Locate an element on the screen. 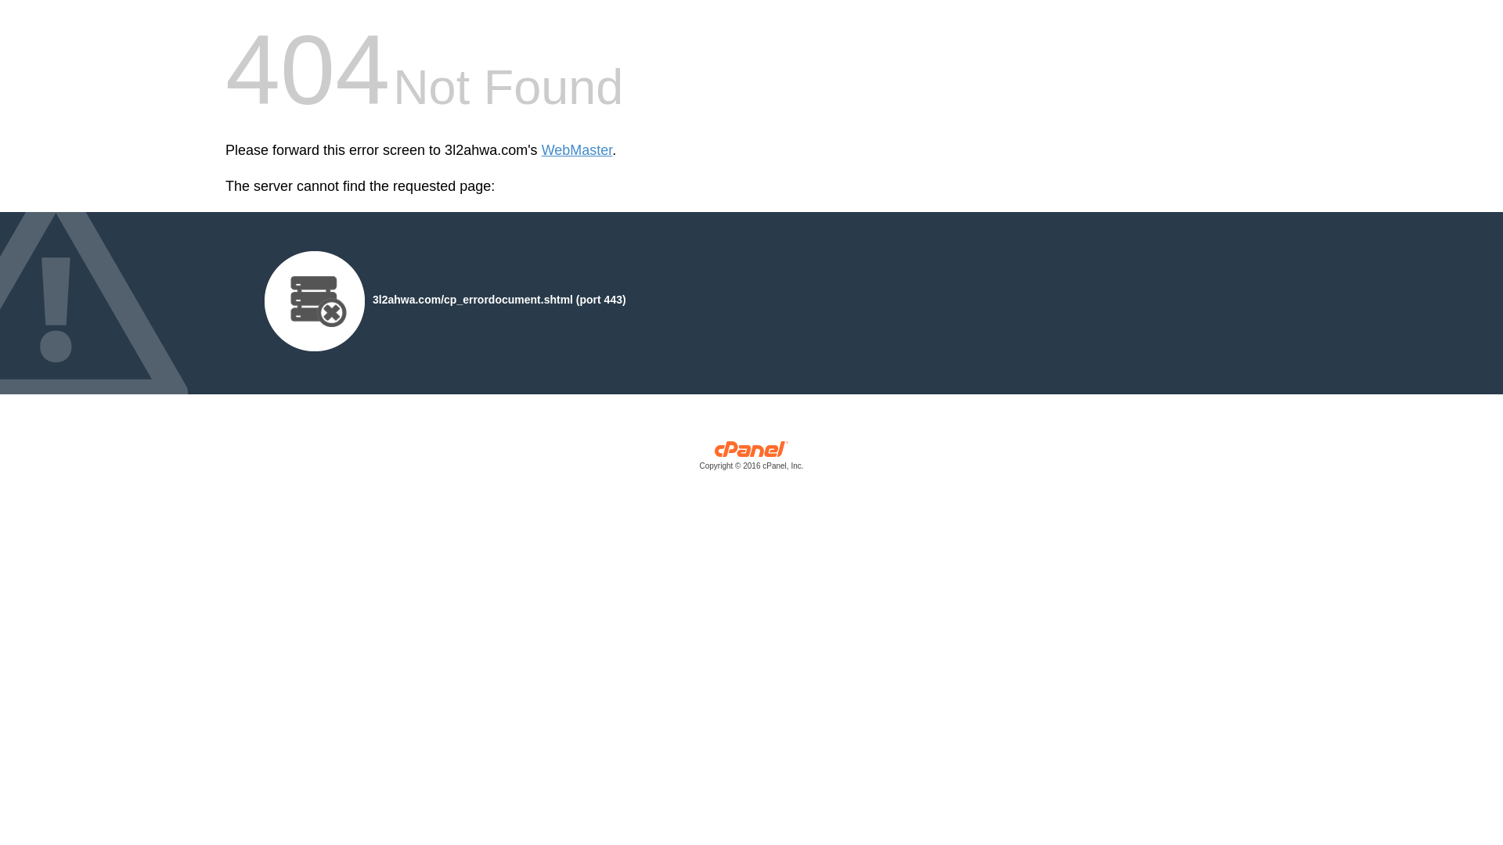 The width and height of the screenshot is (1503, 845). 'WebMaster' is located at coordinates (541, 150).